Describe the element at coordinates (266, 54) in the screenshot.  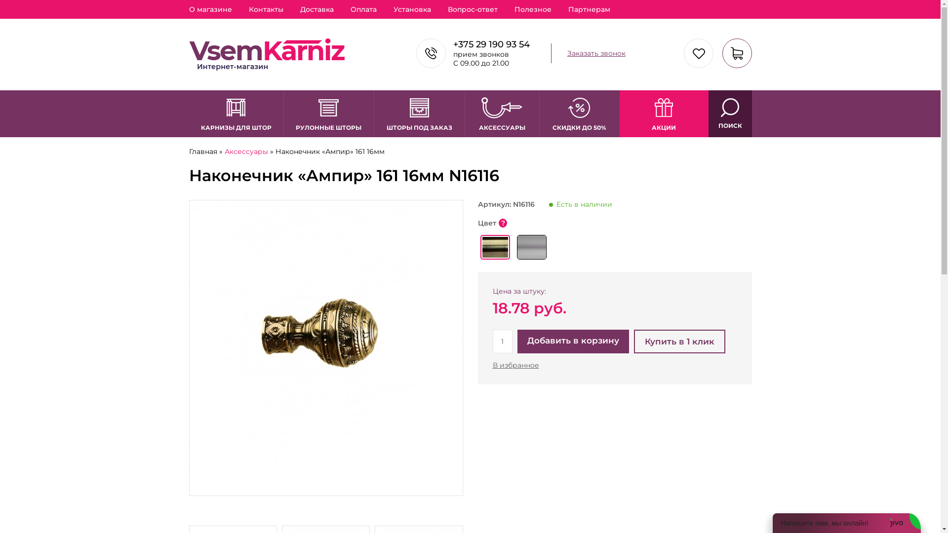
I see `'vsemkarniz.by'` at that location.